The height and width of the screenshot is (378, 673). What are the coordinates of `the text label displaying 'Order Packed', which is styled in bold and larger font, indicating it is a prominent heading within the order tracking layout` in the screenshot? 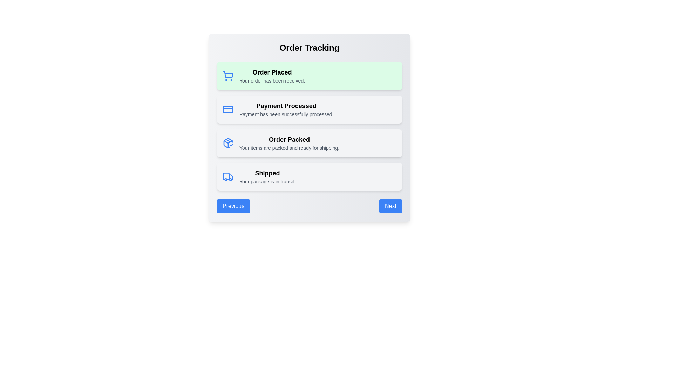 It's located at (289, 139).